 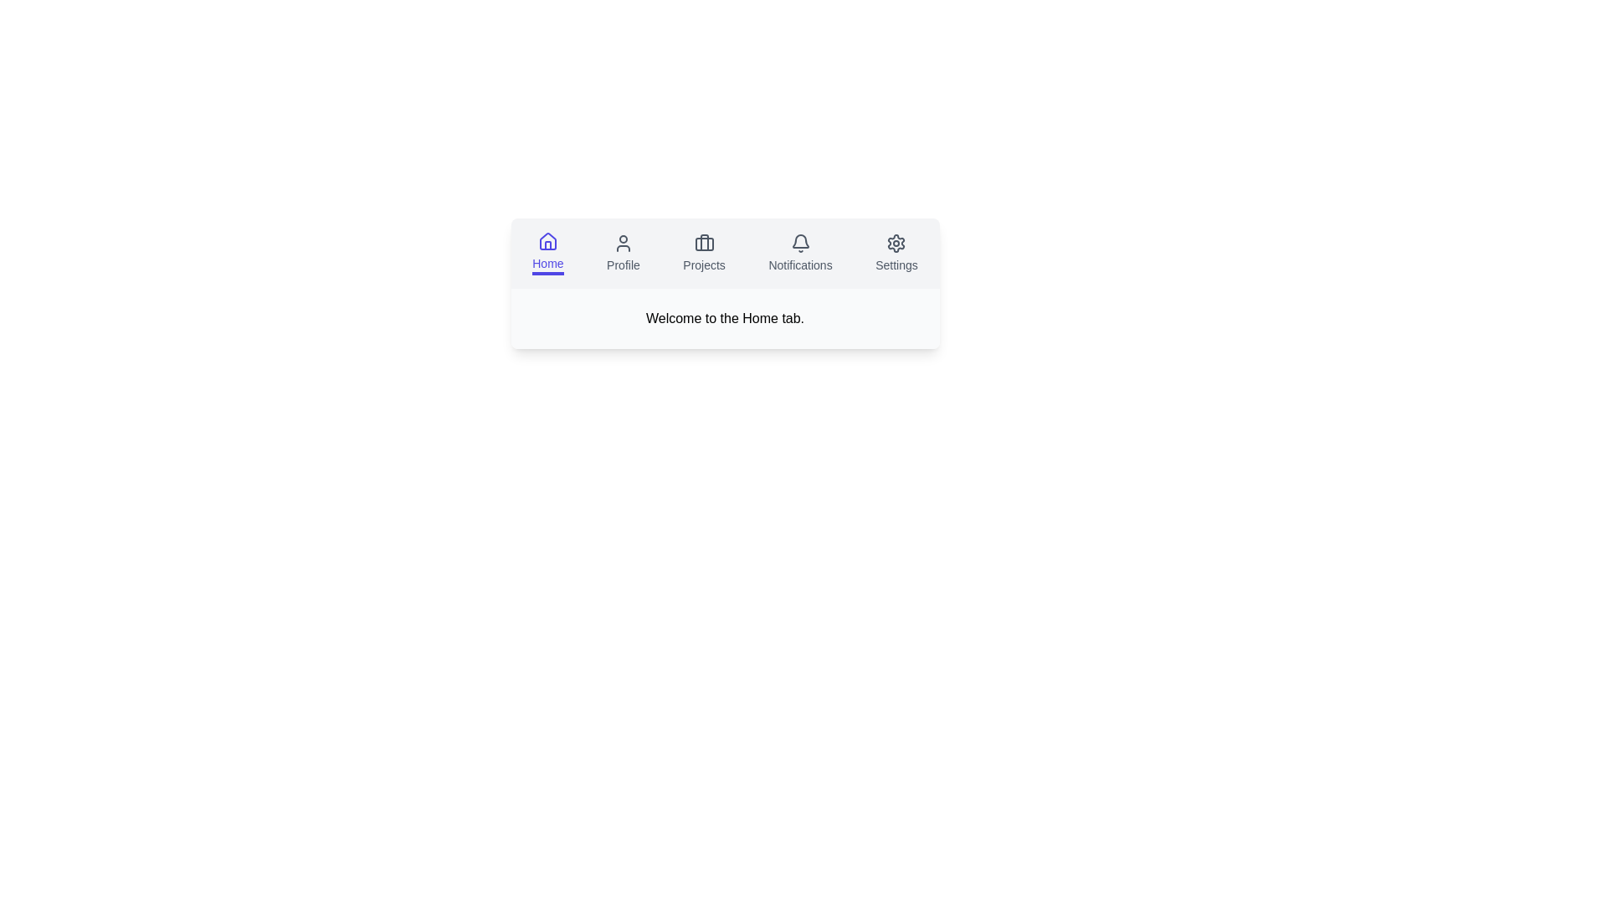 I want to click on the Navigation button located in the horizontal navigation bar, so click(x=622, y=254).